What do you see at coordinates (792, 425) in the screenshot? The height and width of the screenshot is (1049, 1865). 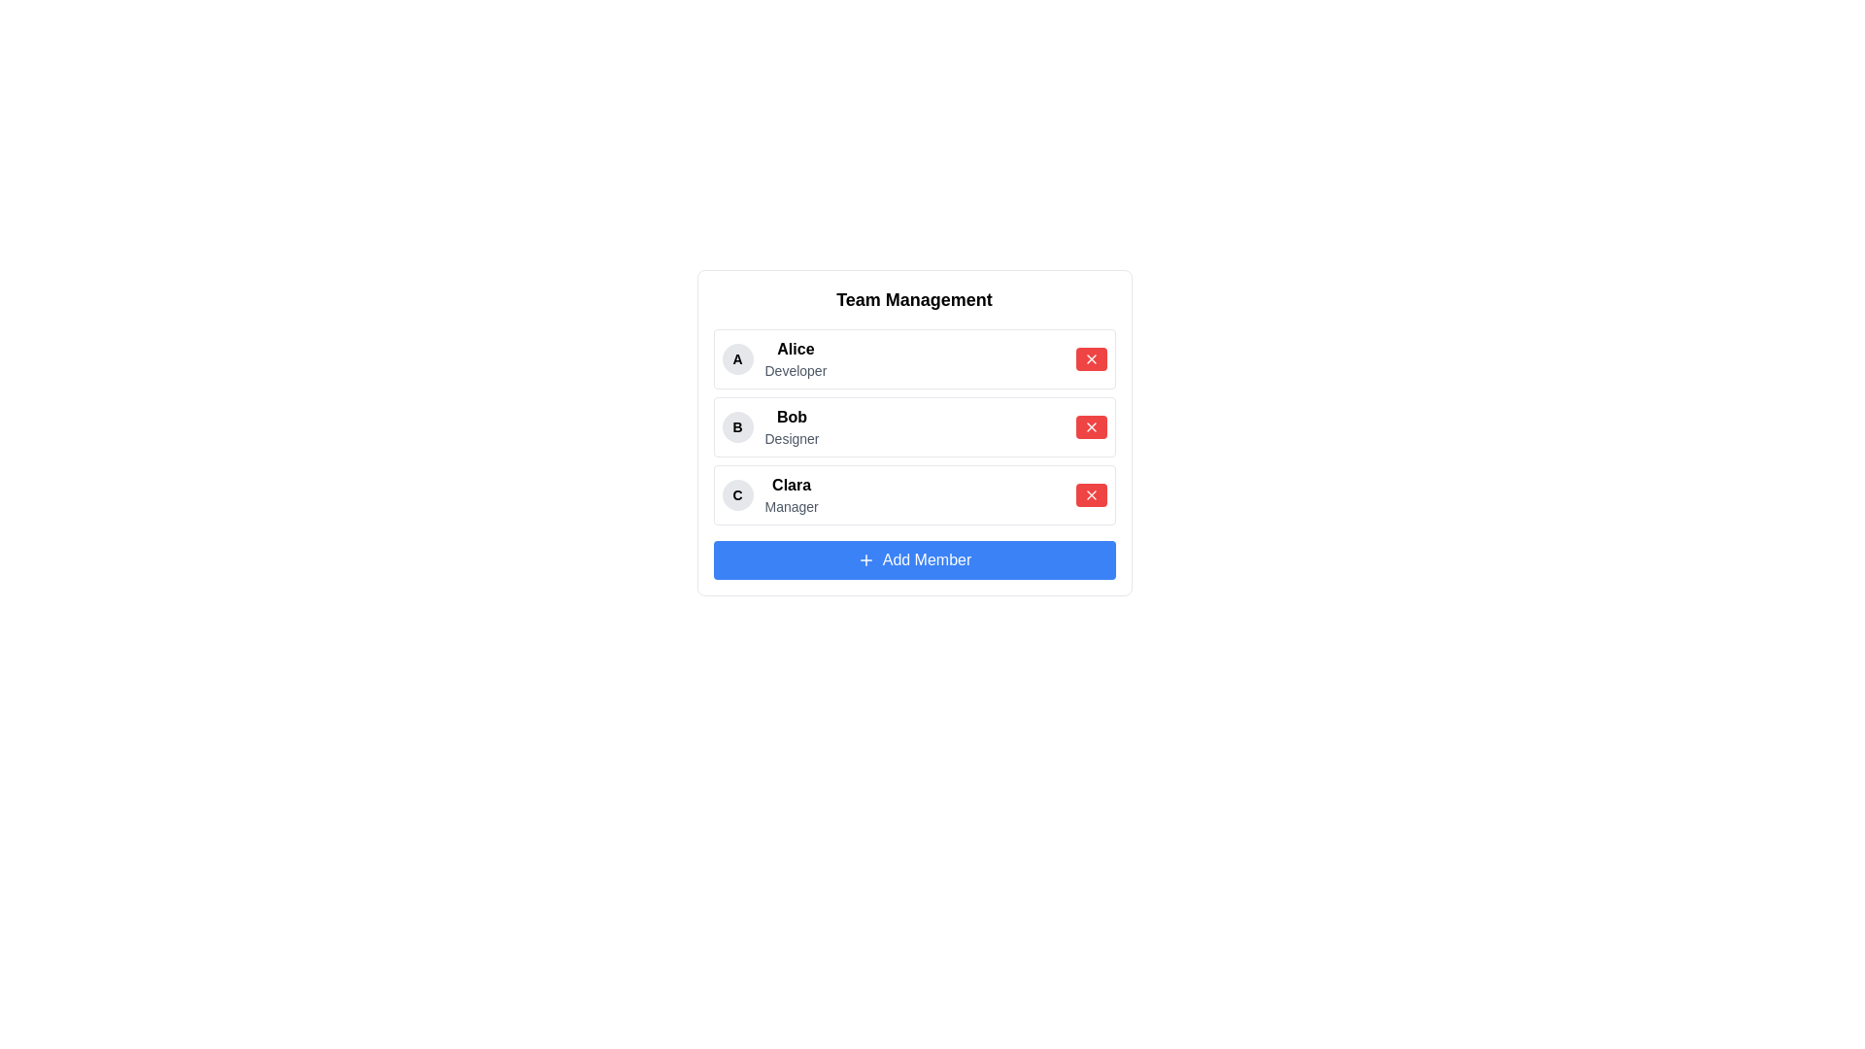 I see `the Informational Label displaying 'Bob' in bold and 'Designer' in gray, located in the second row of the team list, to the right of the 'B' avatar and left of the red-remove button` at bounding box center [792, 425].